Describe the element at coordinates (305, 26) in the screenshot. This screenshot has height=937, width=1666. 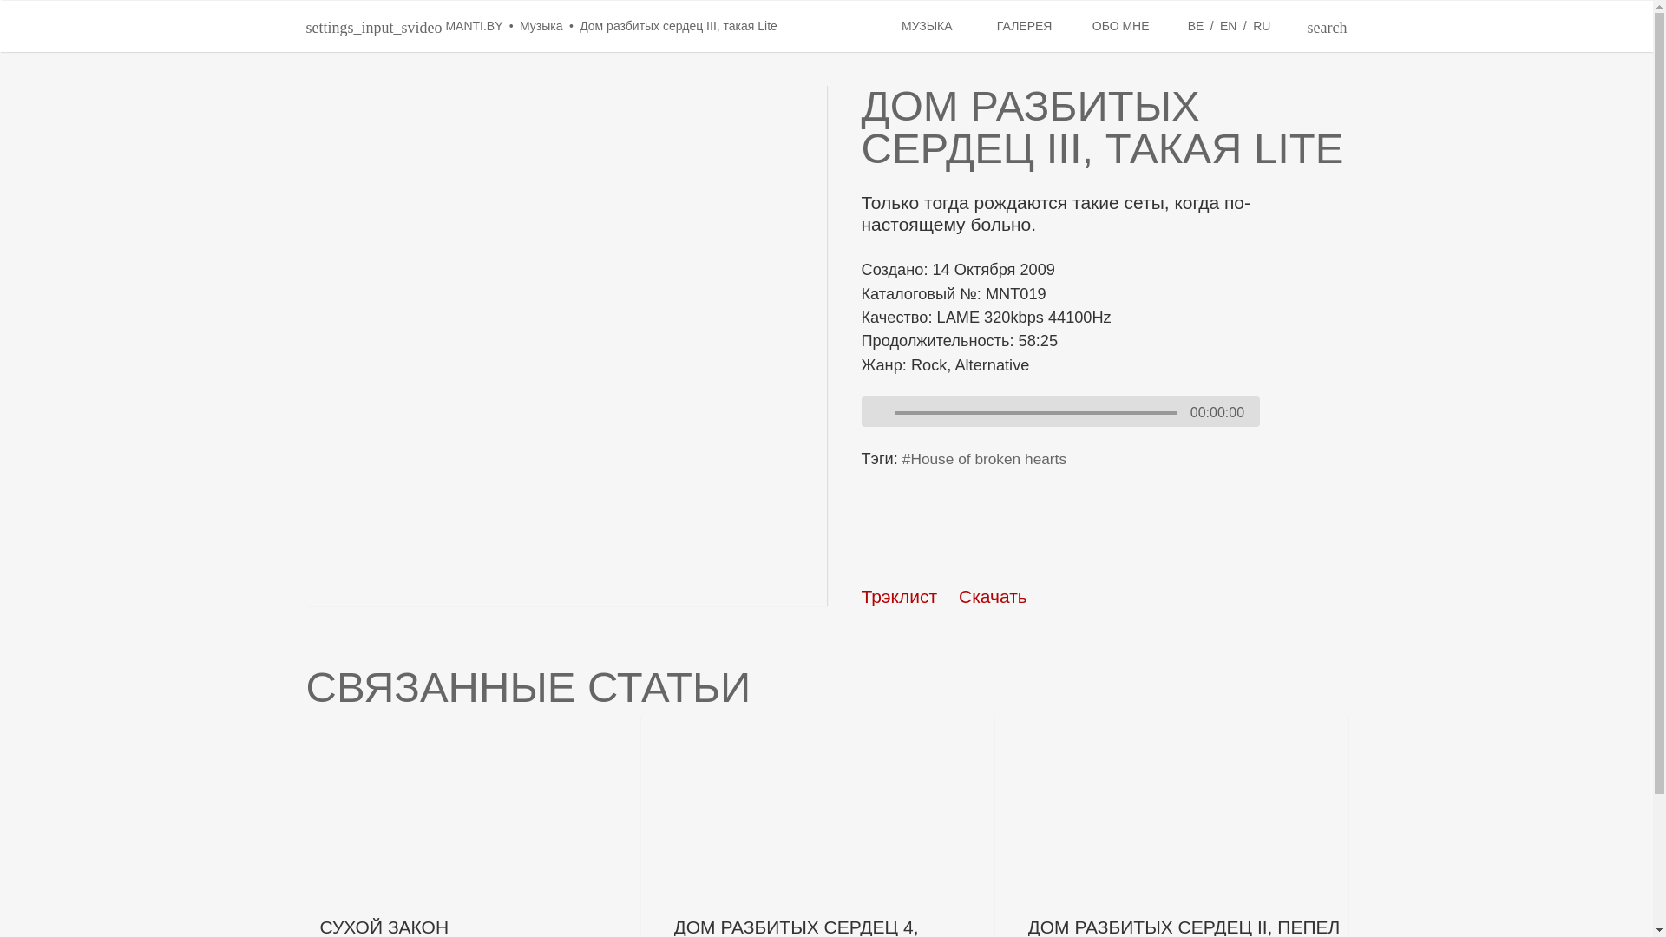
I see `'settings_input_svideo MANTI.BY'` at that location.